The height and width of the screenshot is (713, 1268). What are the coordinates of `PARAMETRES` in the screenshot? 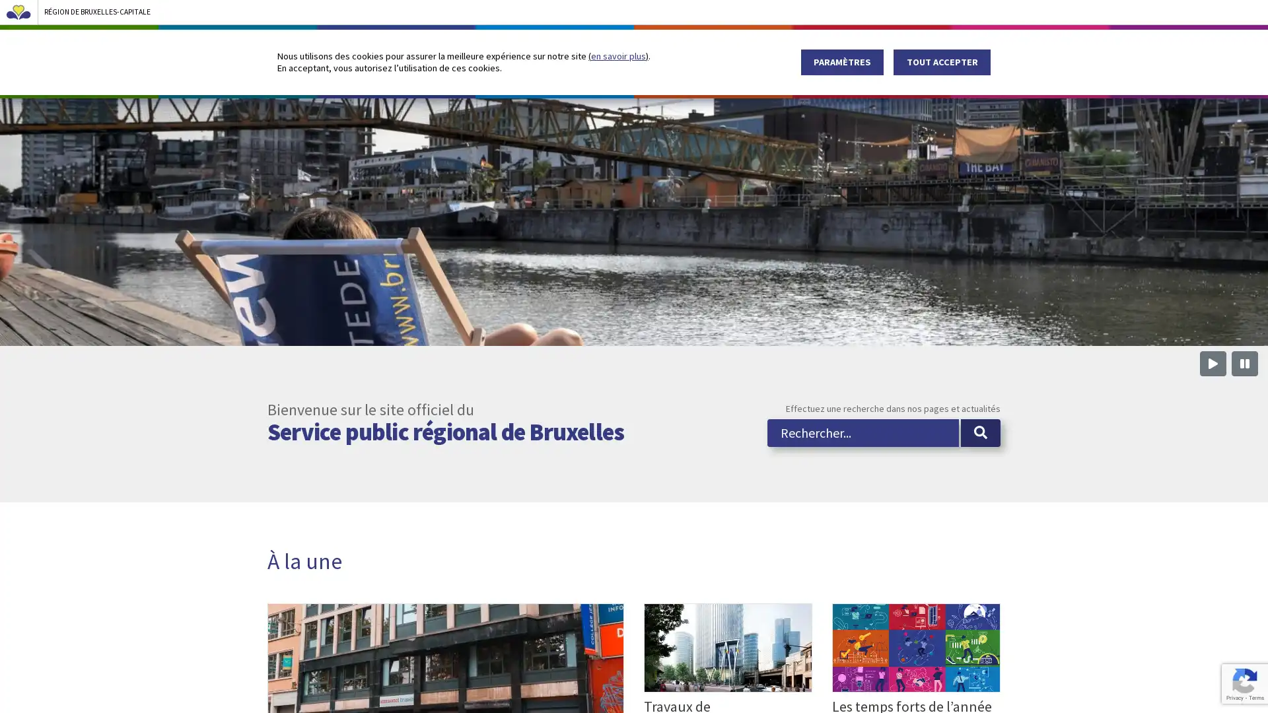 It's located at (841, 61).